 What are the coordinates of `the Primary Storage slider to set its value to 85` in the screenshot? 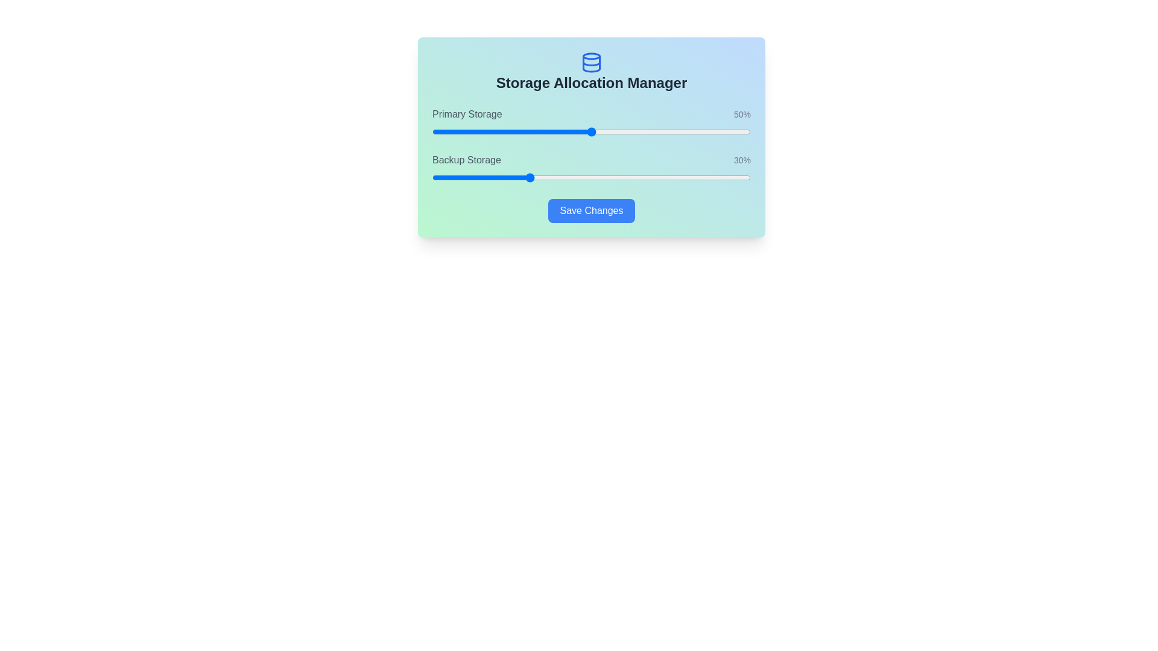 It's located at (703, 132).